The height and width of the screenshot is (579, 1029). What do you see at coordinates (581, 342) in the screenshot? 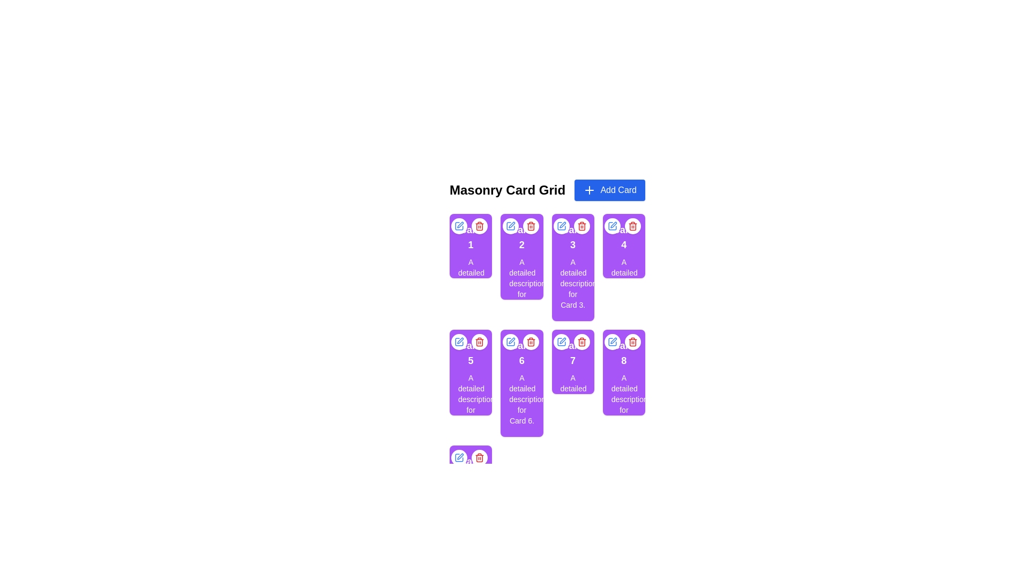
I see `the delete icon located at the top-right corner of the grid card` at bounding box center [581, 342].